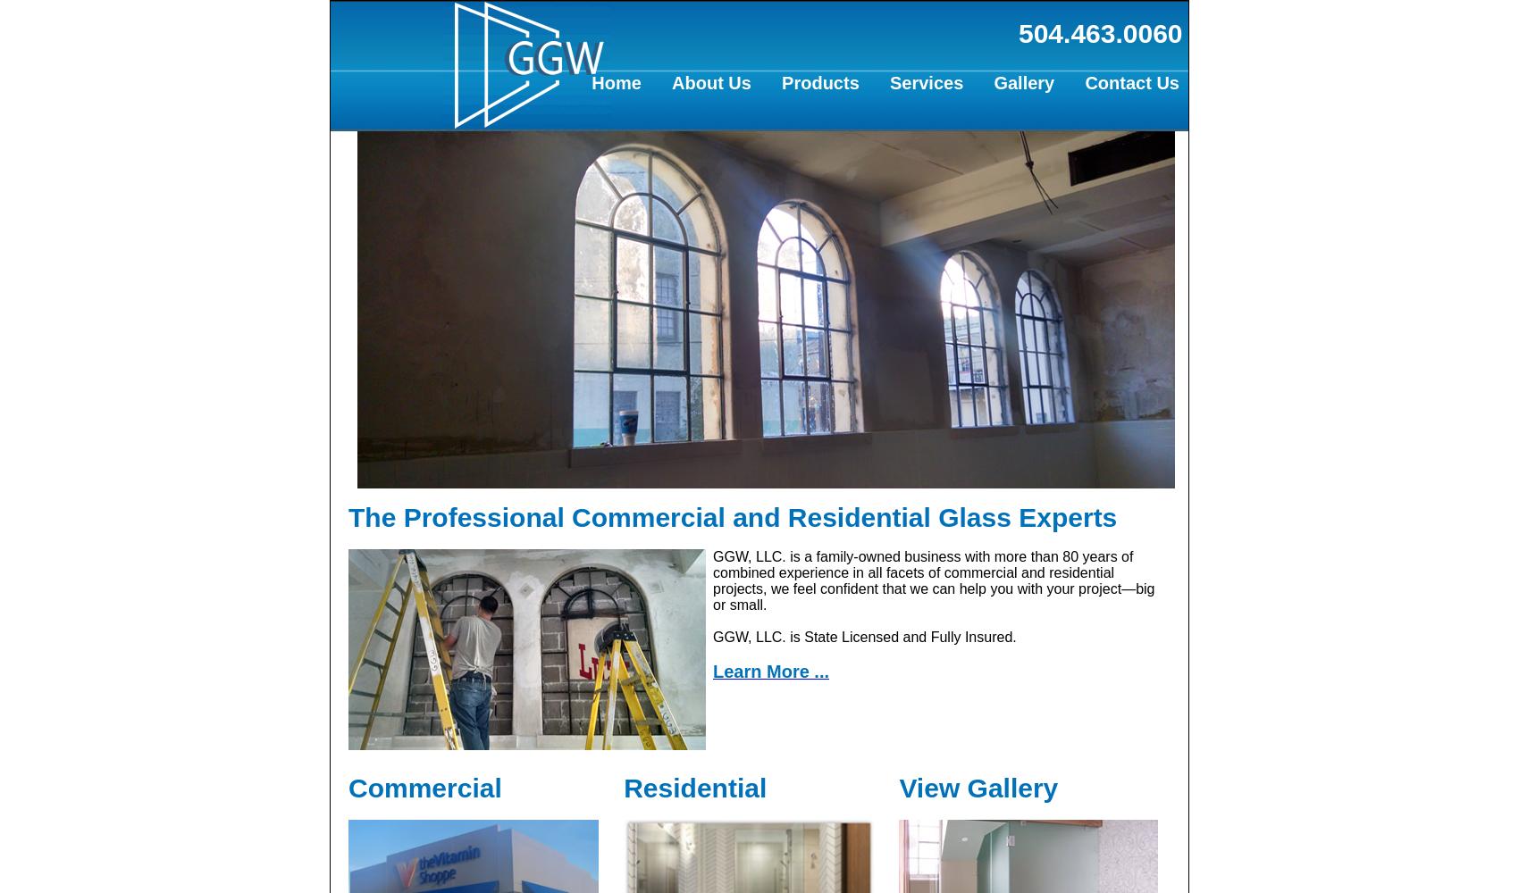  Describe the element at coordinates (616, 82) in the screenshot. I see `'Home'` at that location.